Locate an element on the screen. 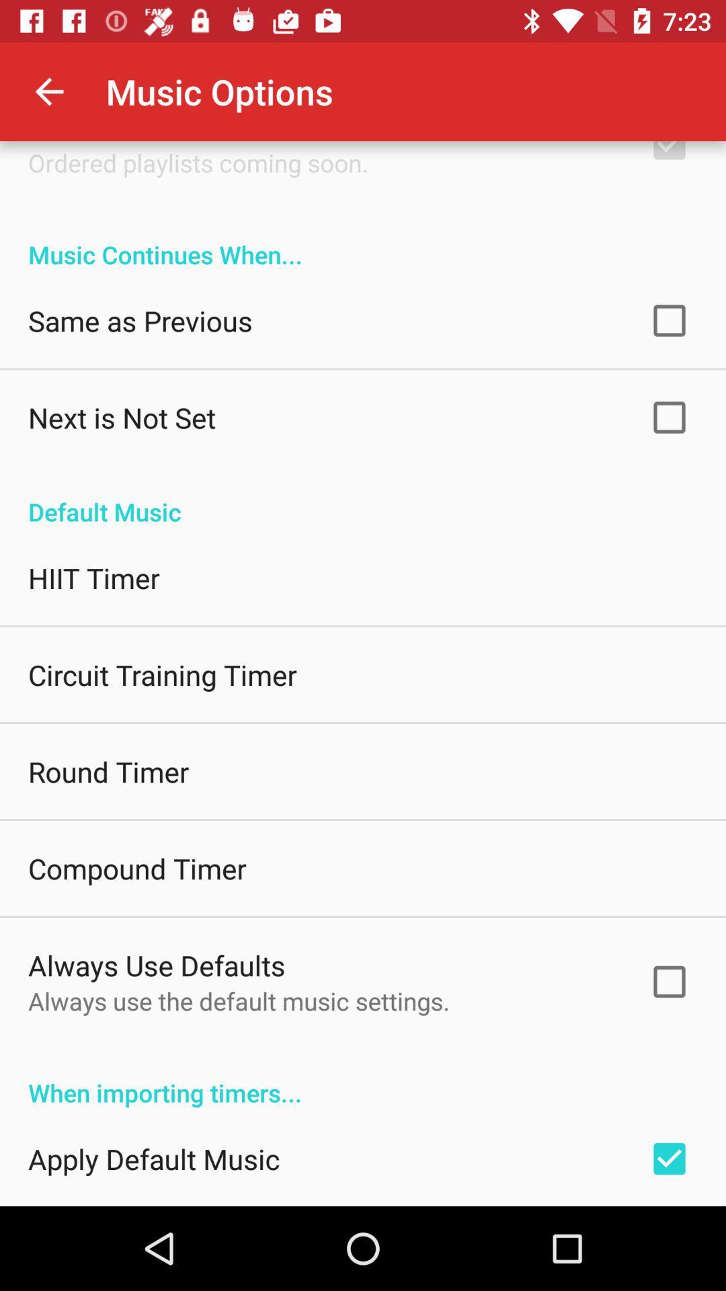  the music continues when... icon is located at coordinates (363, 240).